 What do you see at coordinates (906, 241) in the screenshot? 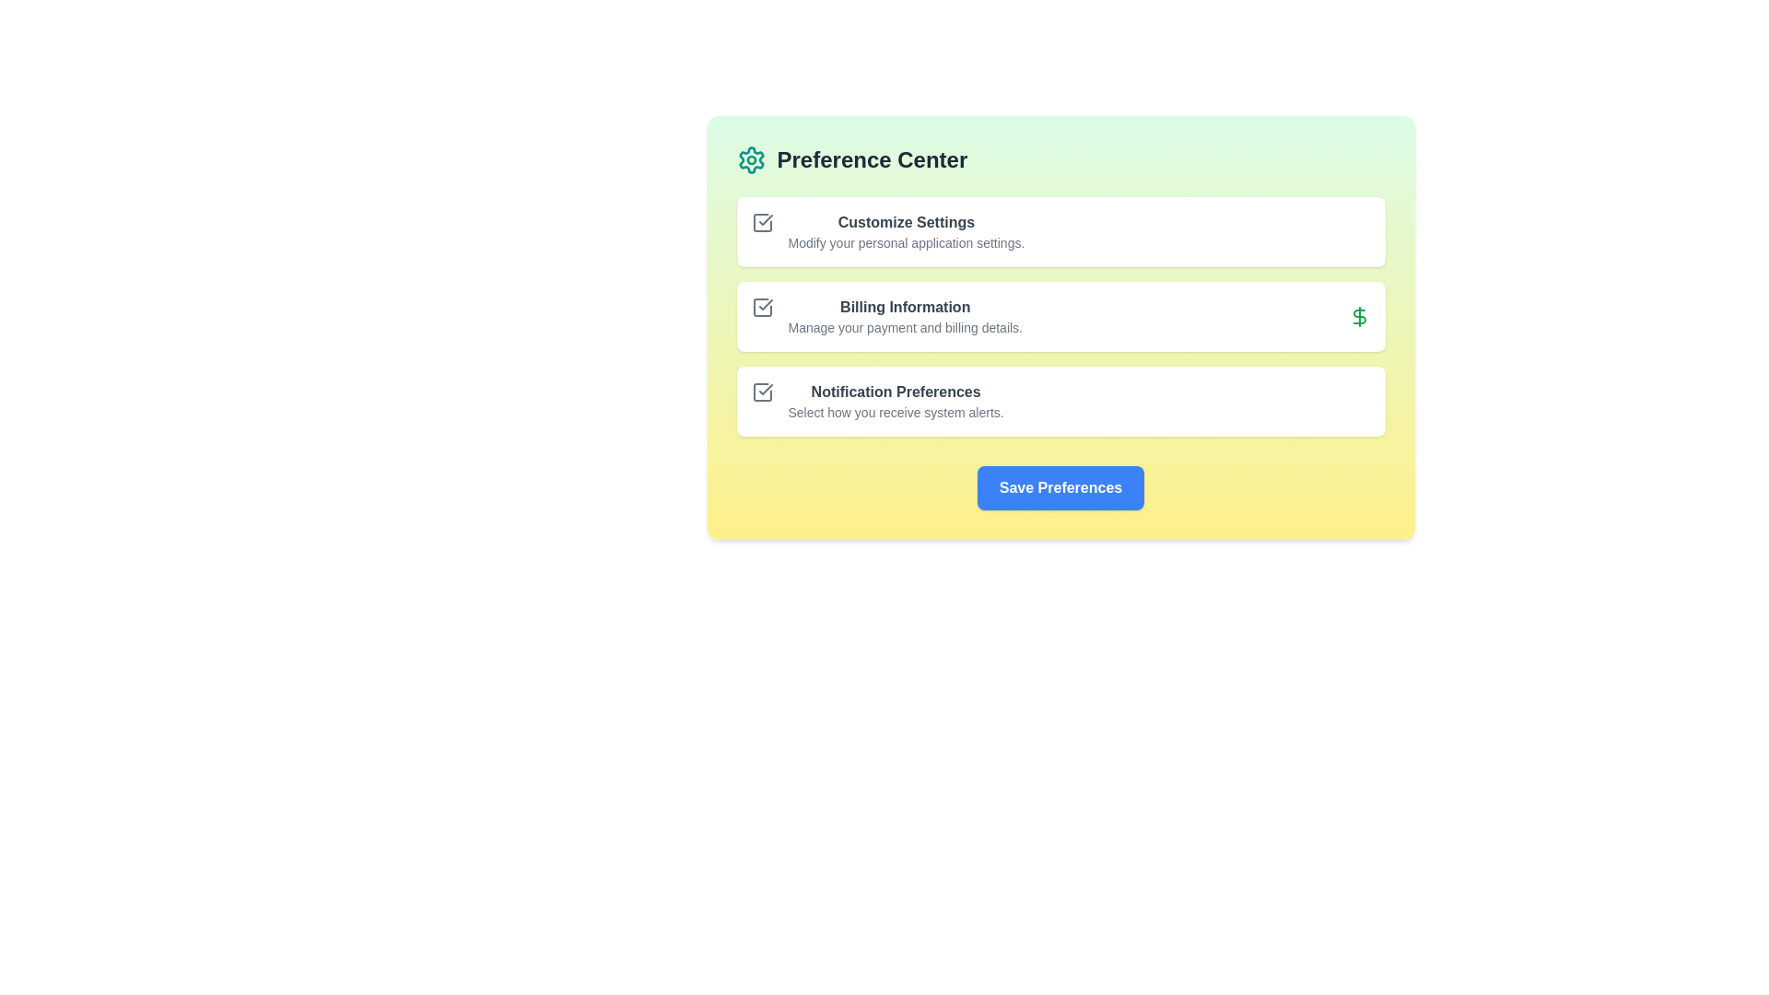
I see `descriptive subtext text label located in the second row of the 'Preference Center' section, directly below 'Customize Settings'` at bounding box center [906, 241].